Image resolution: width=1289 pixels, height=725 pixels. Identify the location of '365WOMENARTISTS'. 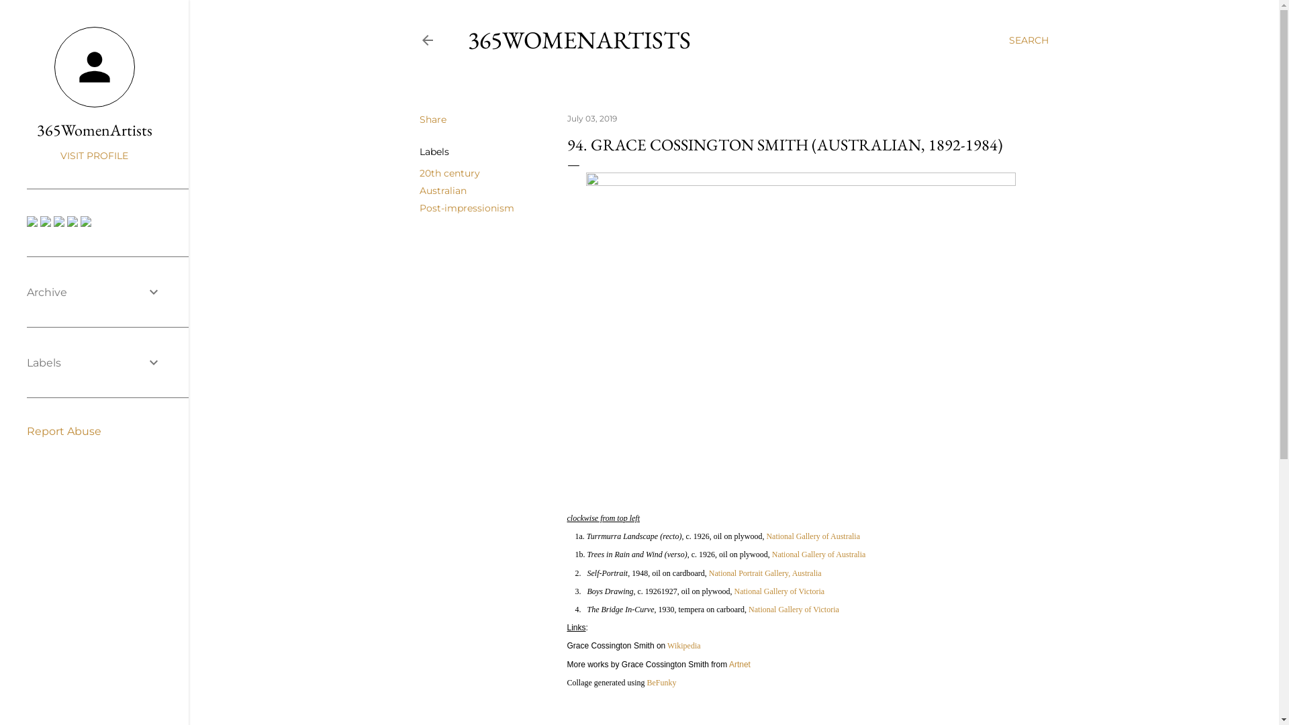
(579, 39).